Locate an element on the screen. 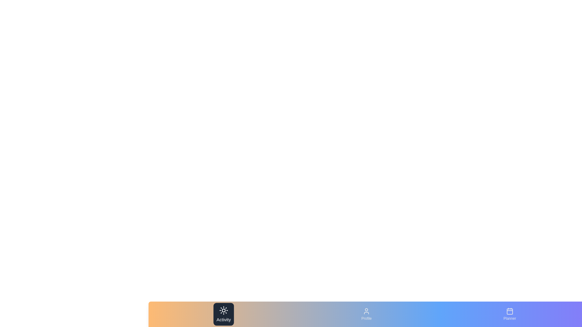 This screenshot has width=582, height=327. the tab labeled Planner is located at coordinates (509, 314).